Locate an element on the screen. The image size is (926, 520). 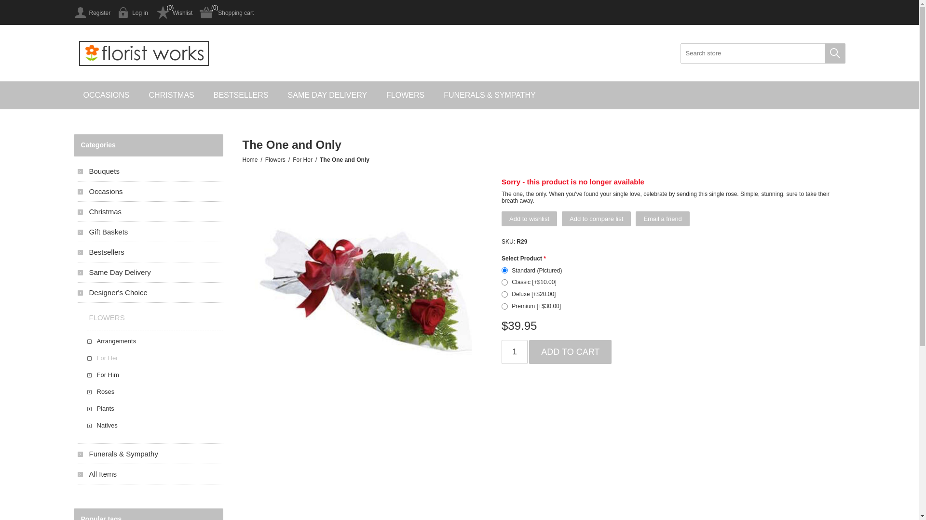
'Flowers' is located at coordinates (275, 159).